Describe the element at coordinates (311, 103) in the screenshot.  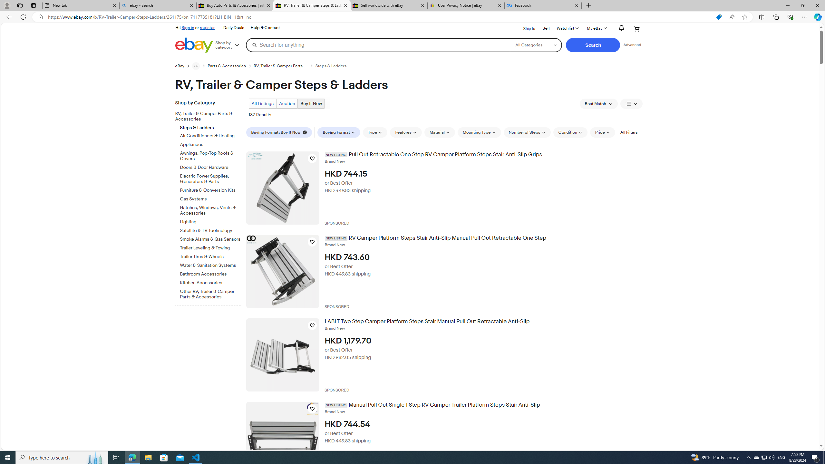
I see `'Buy It Now'` at that location.